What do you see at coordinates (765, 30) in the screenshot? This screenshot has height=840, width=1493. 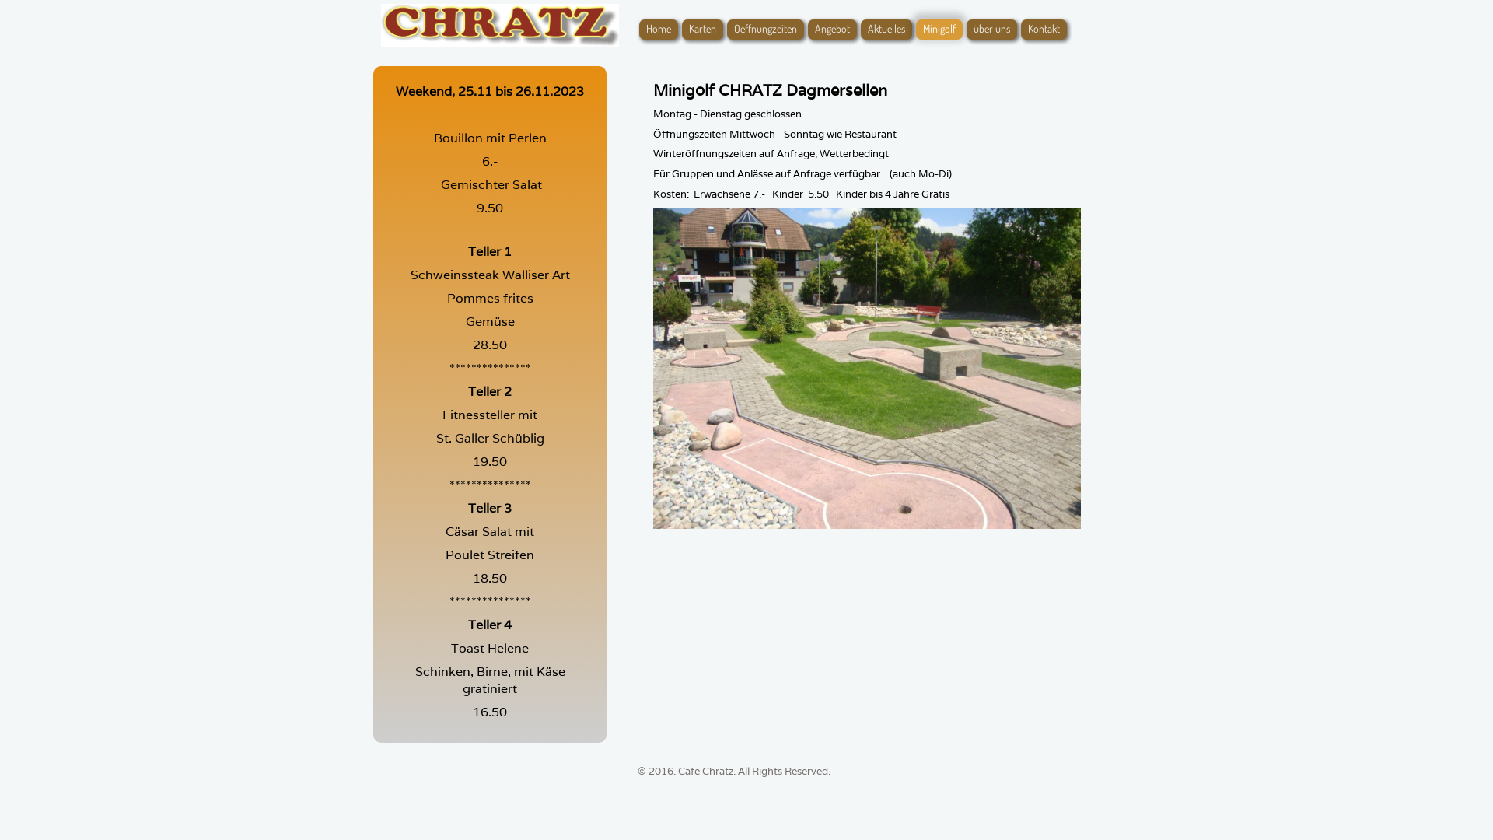 I see `'Oeffnungzeiten'` at bounding box center [765, 30].